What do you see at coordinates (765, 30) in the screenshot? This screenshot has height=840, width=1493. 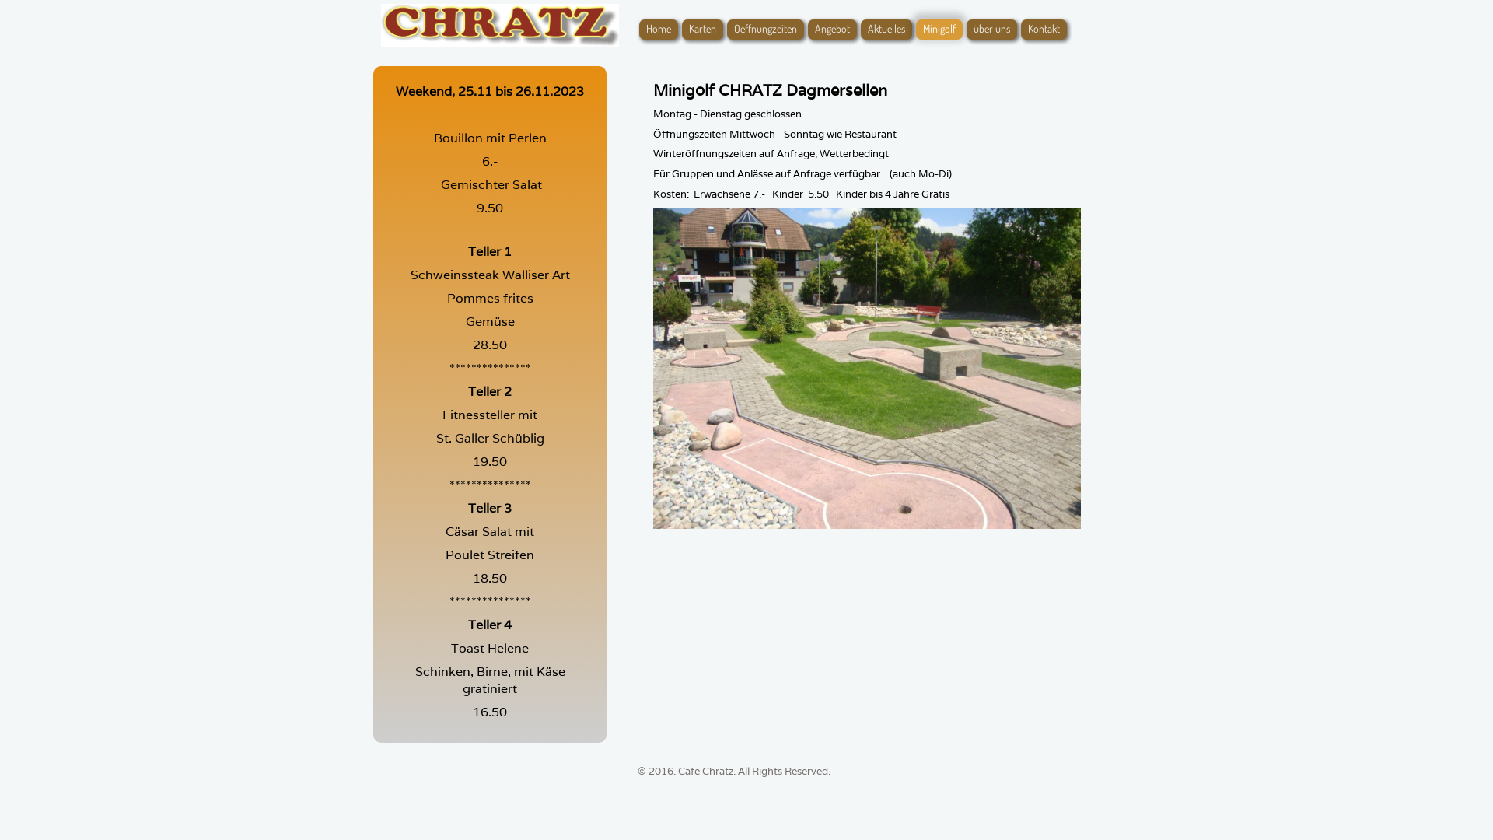 I see `'Oeffnungzeiten'` at bounding box center [765, 30].